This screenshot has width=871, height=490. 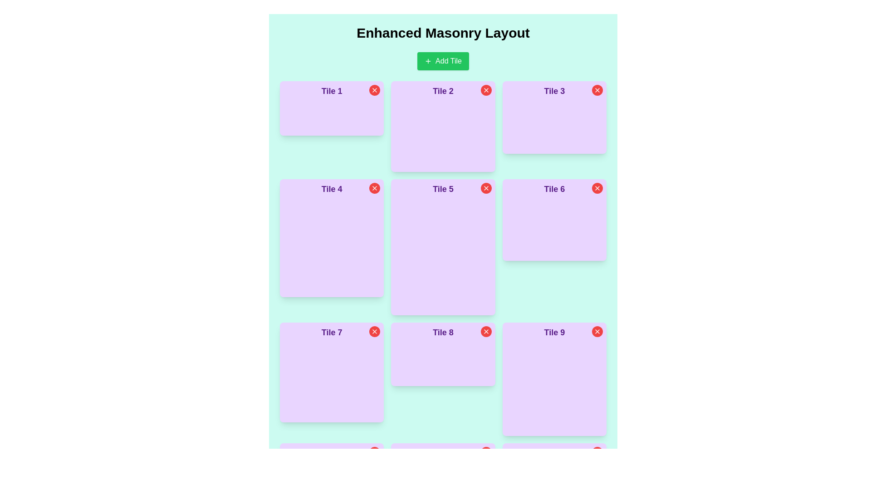 What do you see at coordinates (485, 90) in the screenshot?
I see `the small 'X' mark button located in the top-right corner of 'Tile 2'` at bounding box center [485, 90].